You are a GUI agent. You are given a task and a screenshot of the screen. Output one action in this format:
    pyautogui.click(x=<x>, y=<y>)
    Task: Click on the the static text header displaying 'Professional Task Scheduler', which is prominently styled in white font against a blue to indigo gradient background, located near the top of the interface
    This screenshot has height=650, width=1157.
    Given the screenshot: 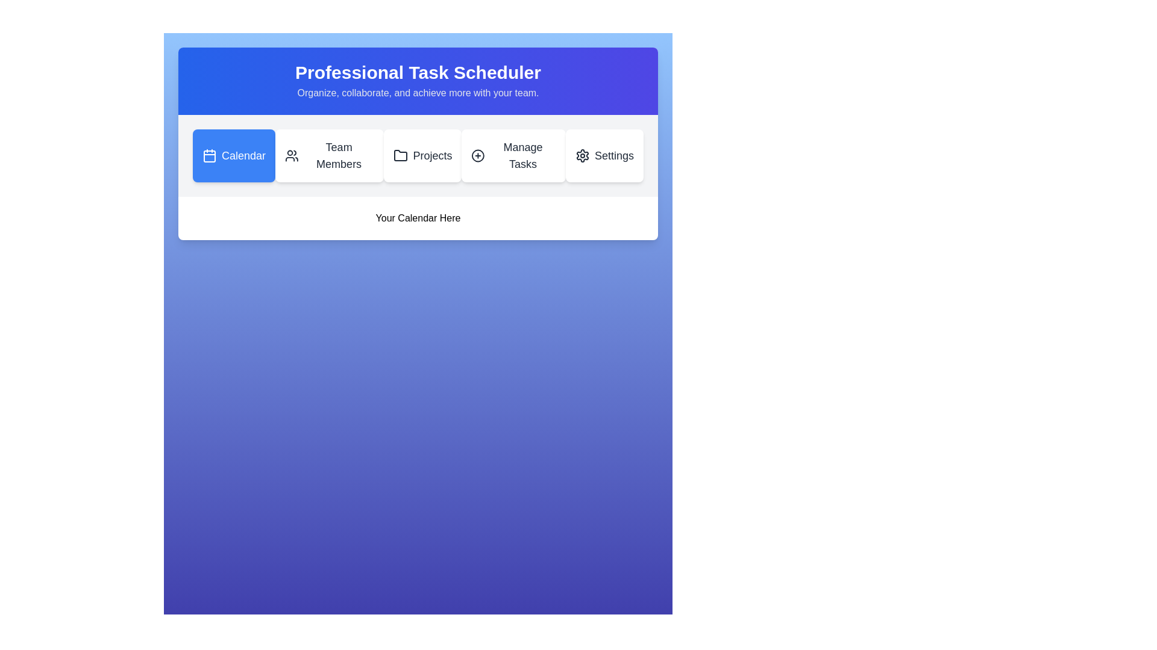 What is the action you would take?
    pyautogui.click(x=418, y=72)
    